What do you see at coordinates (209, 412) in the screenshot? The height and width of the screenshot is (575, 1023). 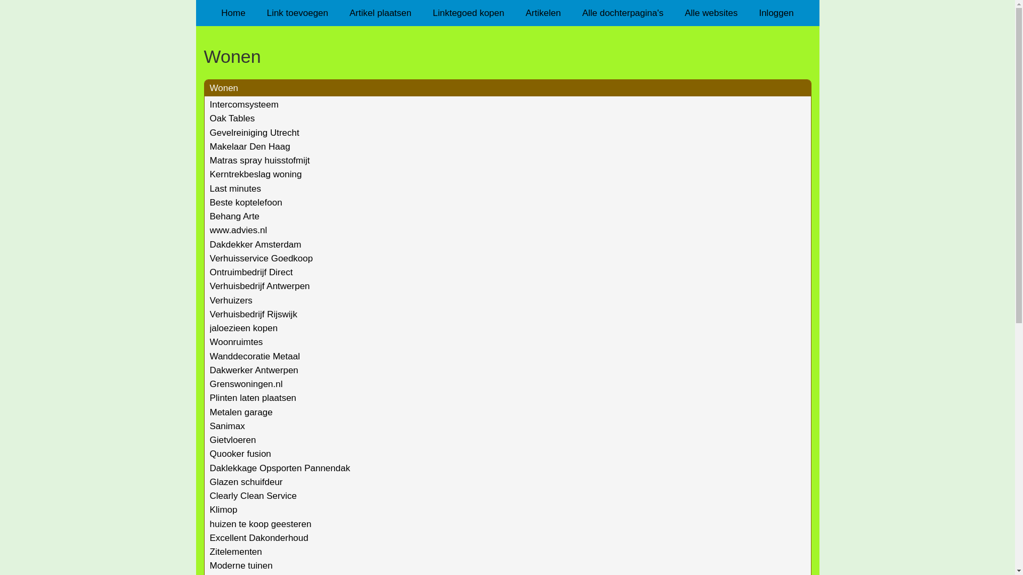 I see `'Metalen garage'` at bounding box center [209, 412].